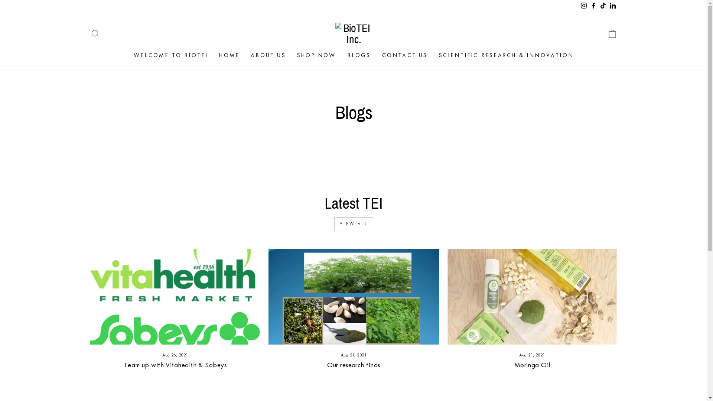  Describe the element at coordinates (341, 55) in the screenshot. I see `'BLOGS'` at that location.